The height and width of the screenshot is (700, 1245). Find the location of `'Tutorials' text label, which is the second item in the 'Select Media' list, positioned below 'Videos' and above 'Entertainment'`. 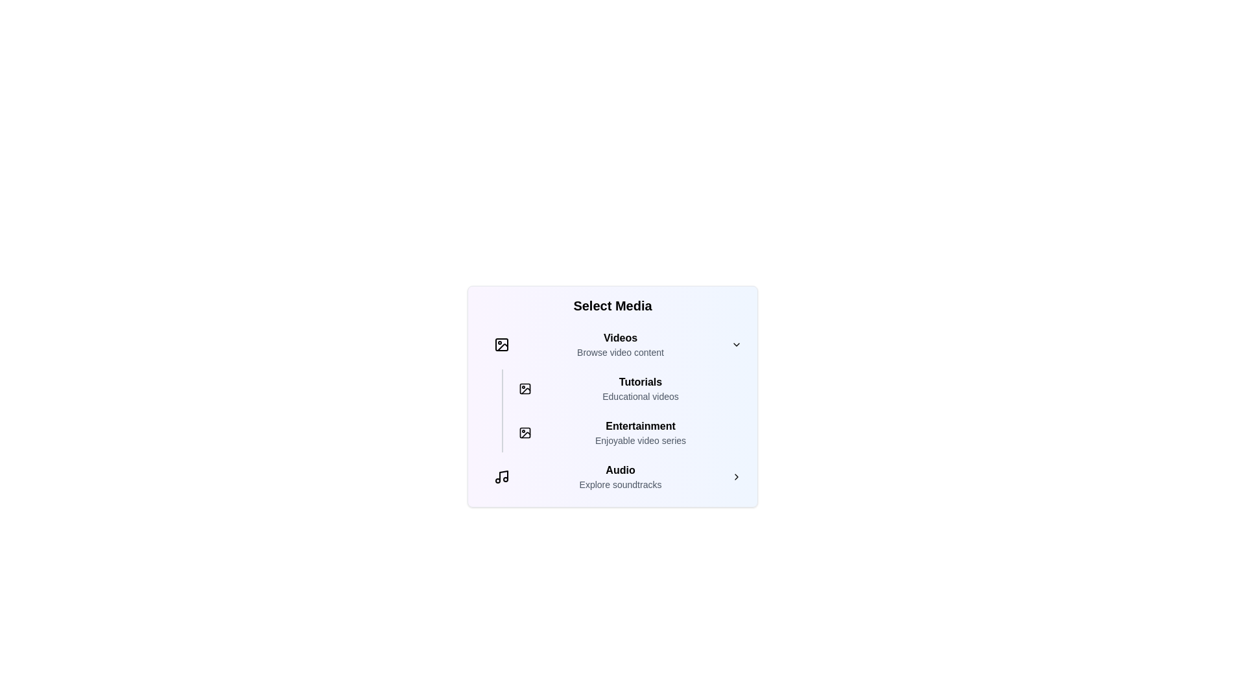

'Tutorials' text label, which is the second item in the 'Select Media' list, positioned below 'Videos' and above 'Entertainment' is located at coordinates (641, 382).